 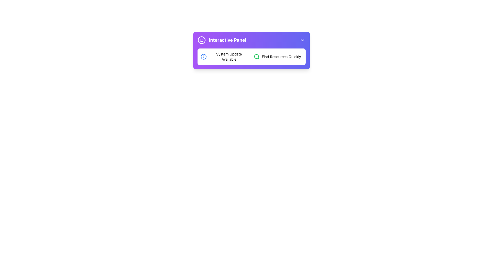 I want to click on the circular element with a blue border and white fill that is part of the SVG icon located at the top-left corner of the interactive panel, adjacent to the panel's heading text, so click(x=203, y=57).